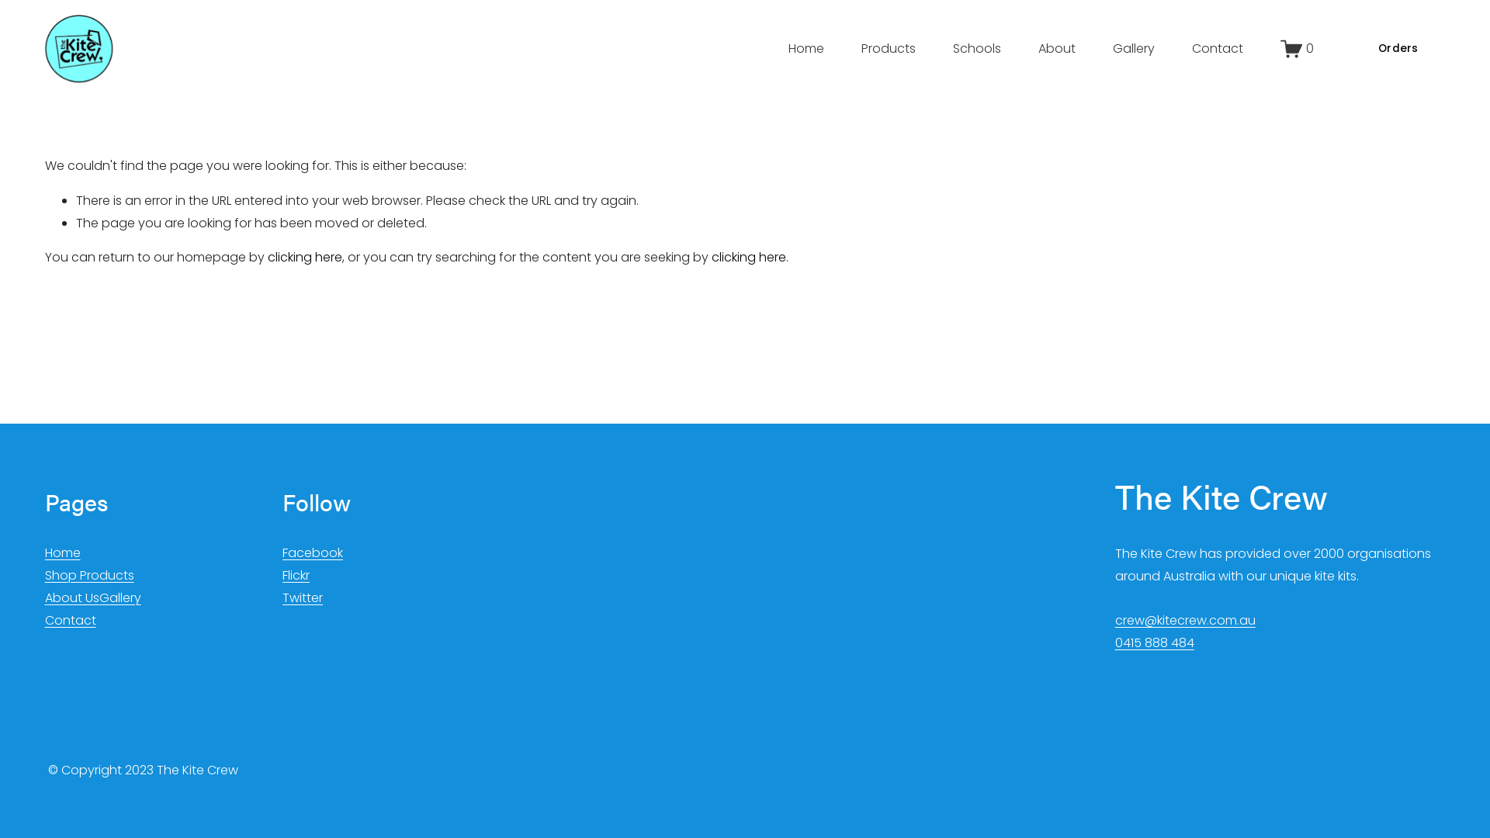 This screenshot has width=1490, height=838. What do you see at coordinates (305, 256) in the screenshot?
I see `'clicking here'` at bounding box center [305, 256].